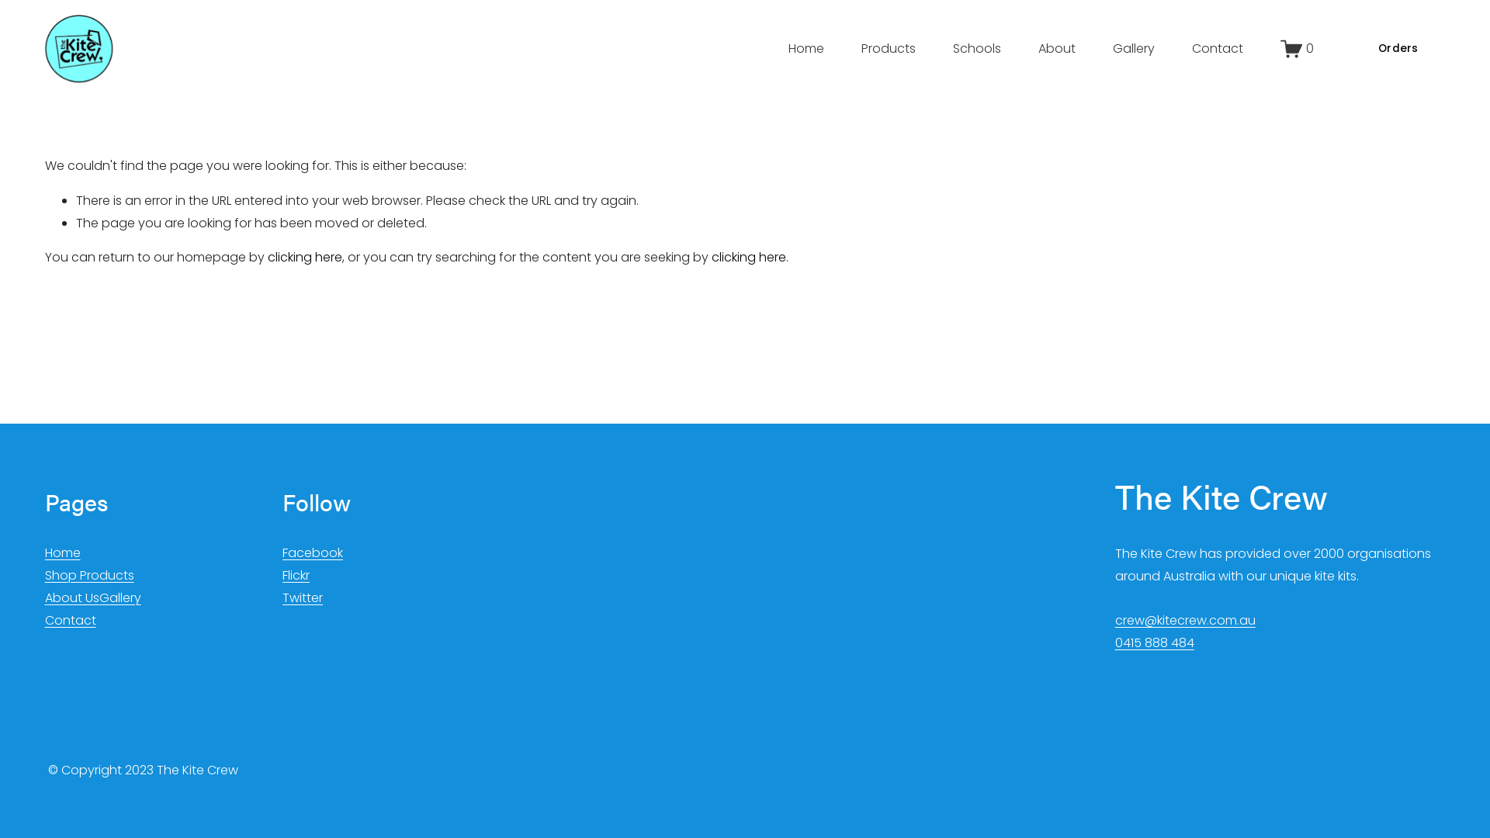 This screenshot has width=1490, height=838. What do you see at coordinates (305, 256) in the screenshot?
I see `'clicking here'` at bounding box center [305, 256].